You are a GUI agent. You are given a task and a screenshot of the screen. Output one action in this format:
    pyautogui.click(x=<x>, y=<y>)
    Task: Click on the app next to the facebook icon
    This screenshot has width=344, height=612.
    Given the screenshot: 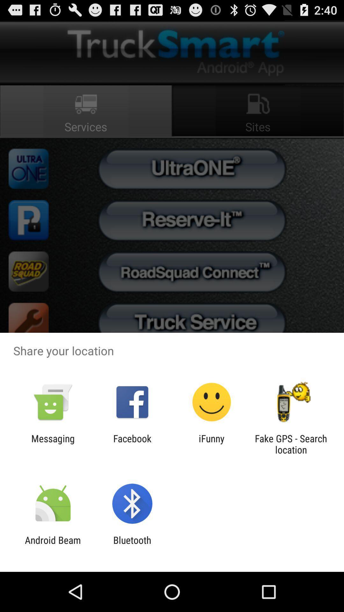 What is the action you would take?
    pyautogui.click(x=53, y=444)
    